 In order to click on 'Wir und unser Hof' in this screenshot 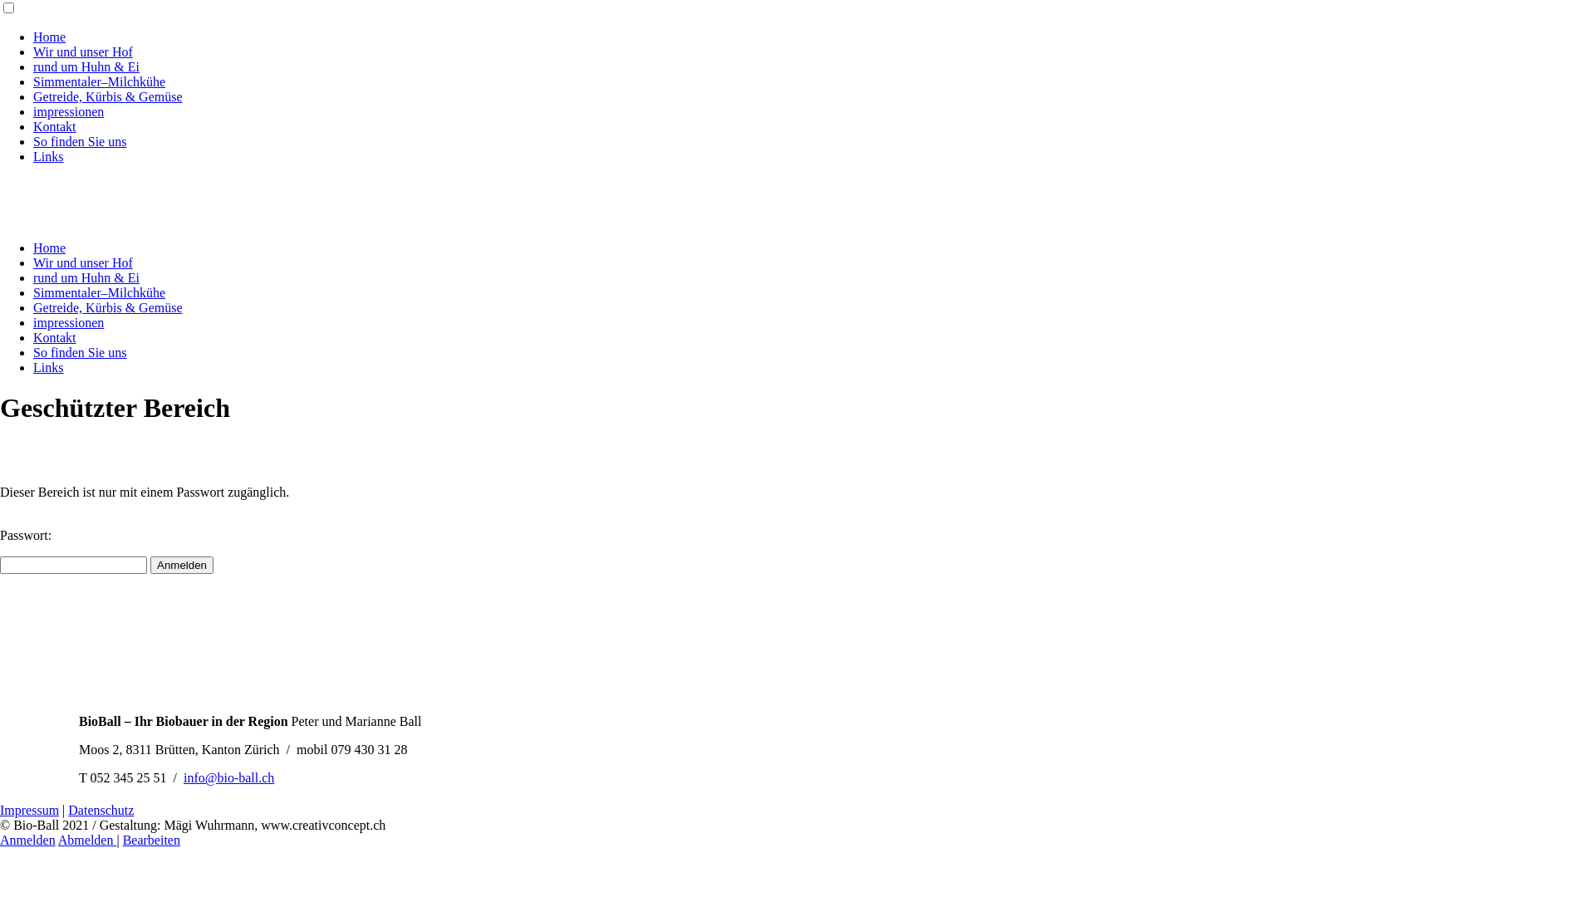, I will do `click(82, 51)`.